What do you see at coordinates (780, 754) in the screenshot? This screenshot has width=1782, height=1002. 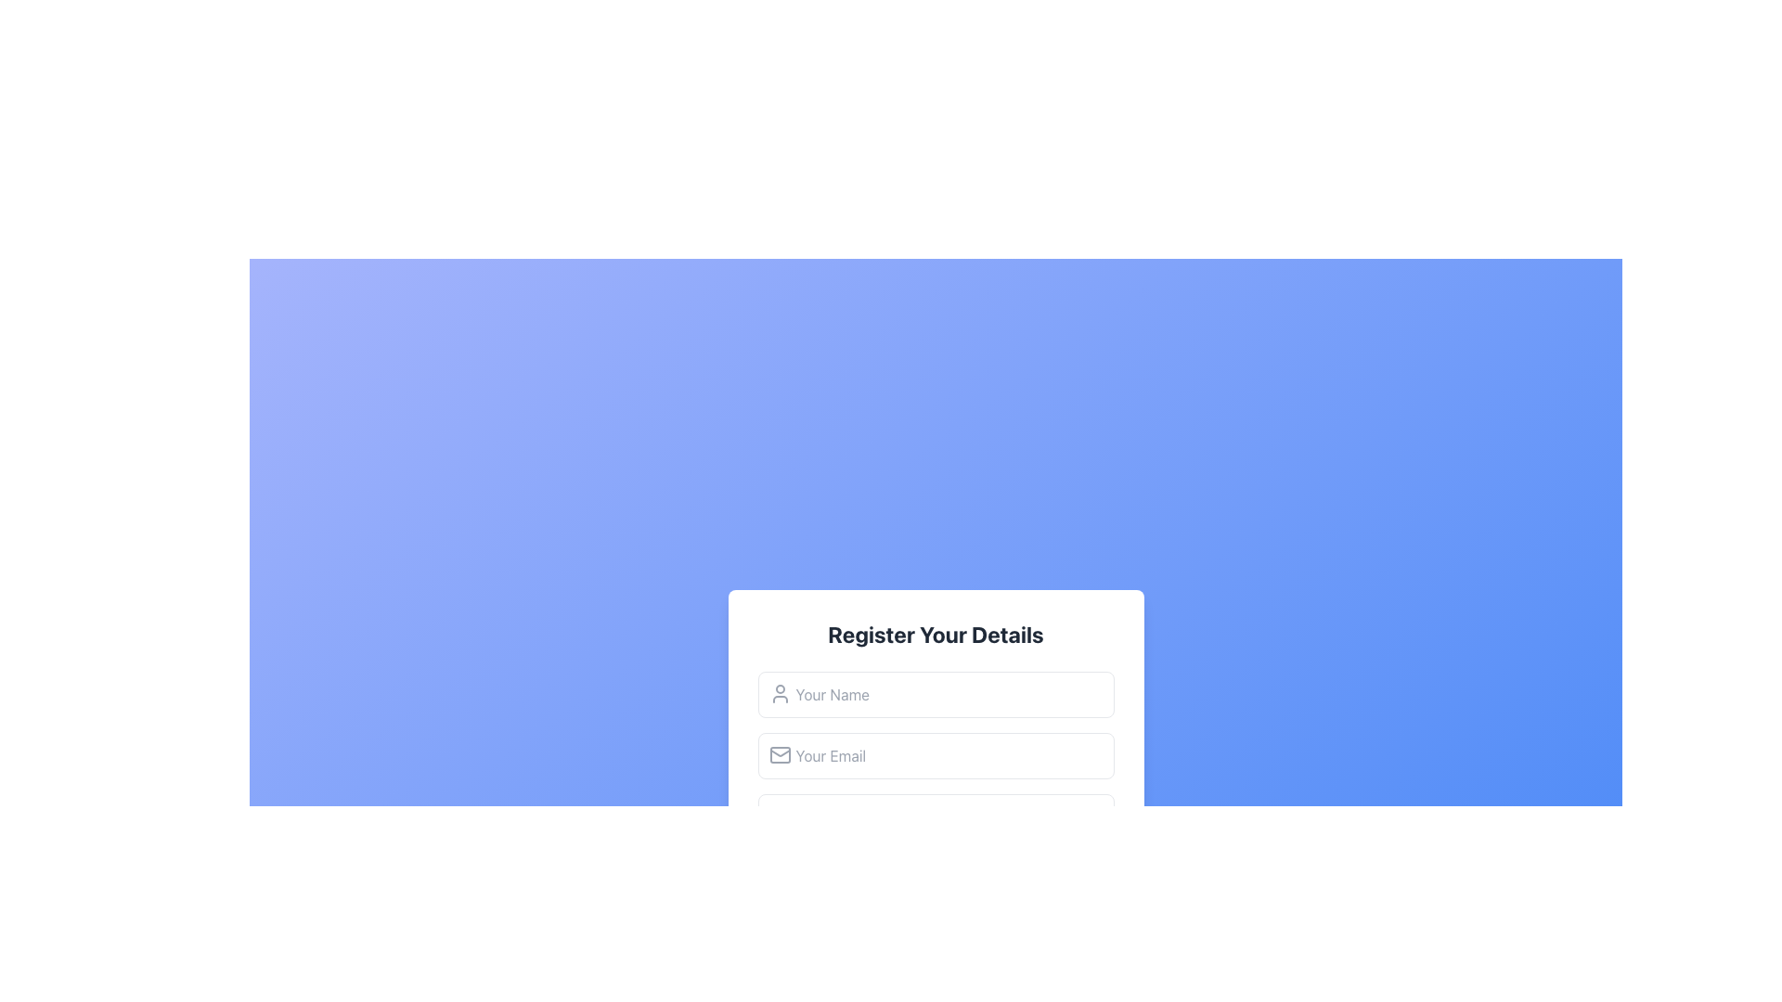 I see `the decorative email icon located inside the email input field, positioned towards the left edge and slightly above the center` at bounding box center [780, 754].